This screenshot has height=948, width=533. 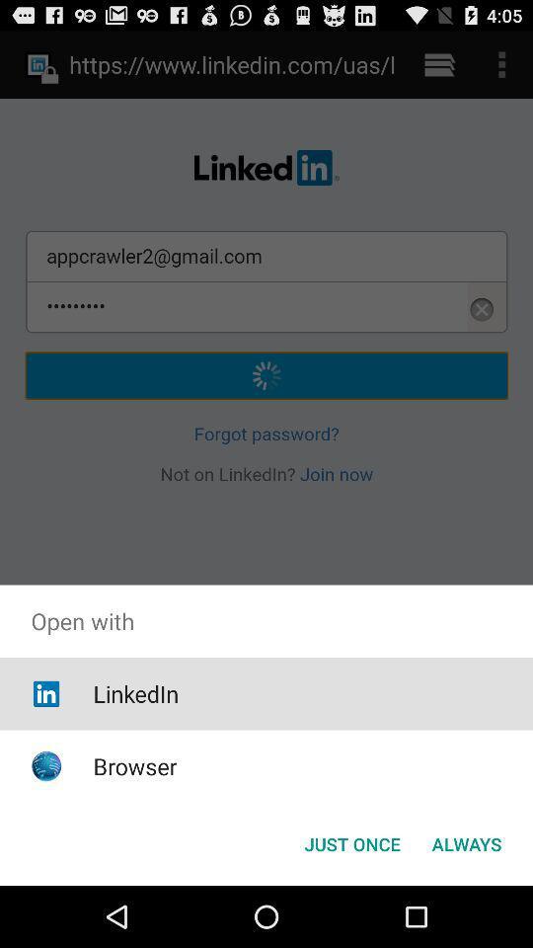 I want to click on the button to the right of just once button, so click(x=466, y=842).